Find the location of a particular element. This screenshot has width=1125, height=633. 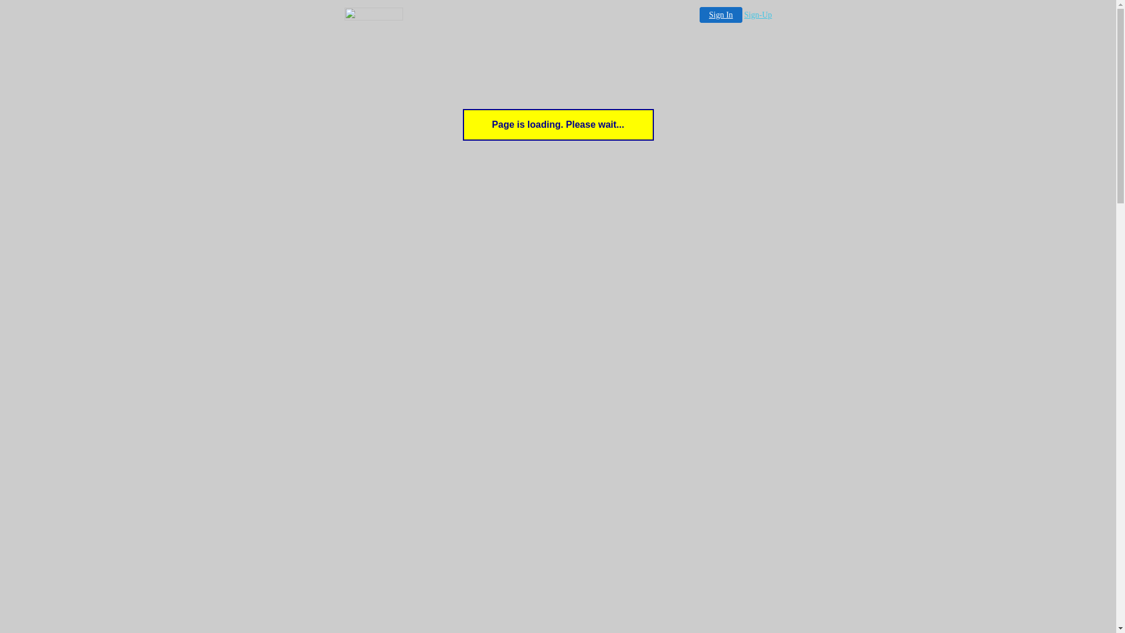

'Sign In' is located at coordinates (720, 15).